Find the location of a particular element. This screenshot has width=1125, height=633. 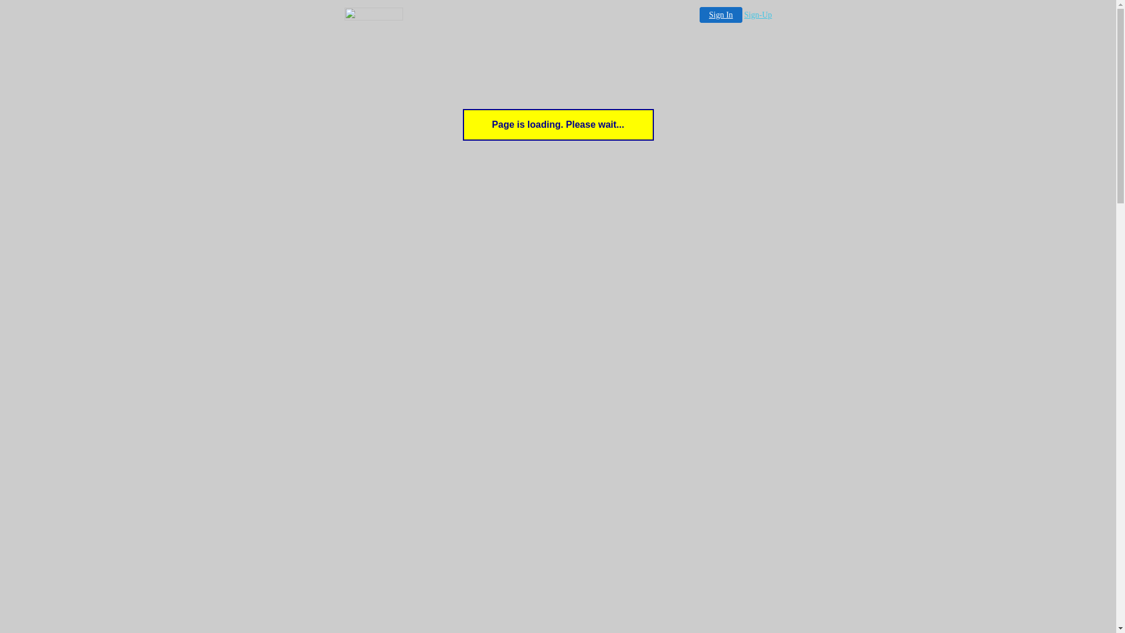

'Sign In' is located at coordinates (720, 15).